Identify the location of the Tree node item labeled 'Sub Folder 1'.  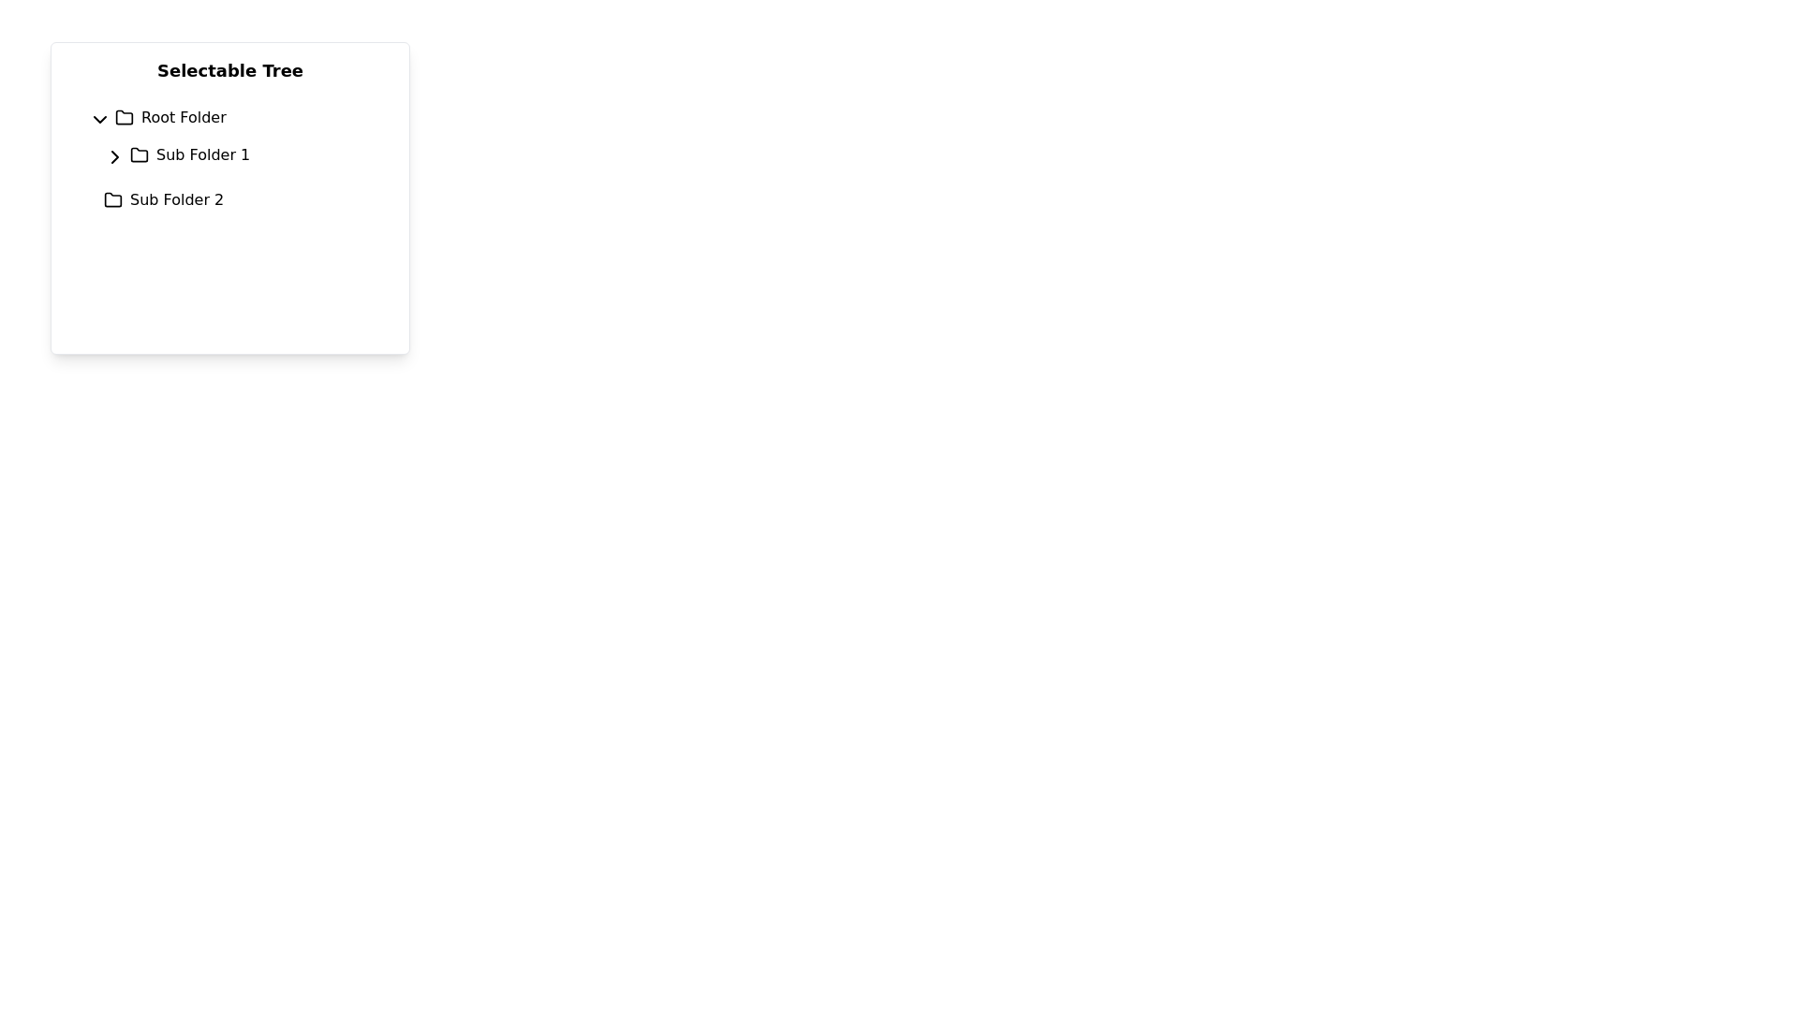
(237, 157).